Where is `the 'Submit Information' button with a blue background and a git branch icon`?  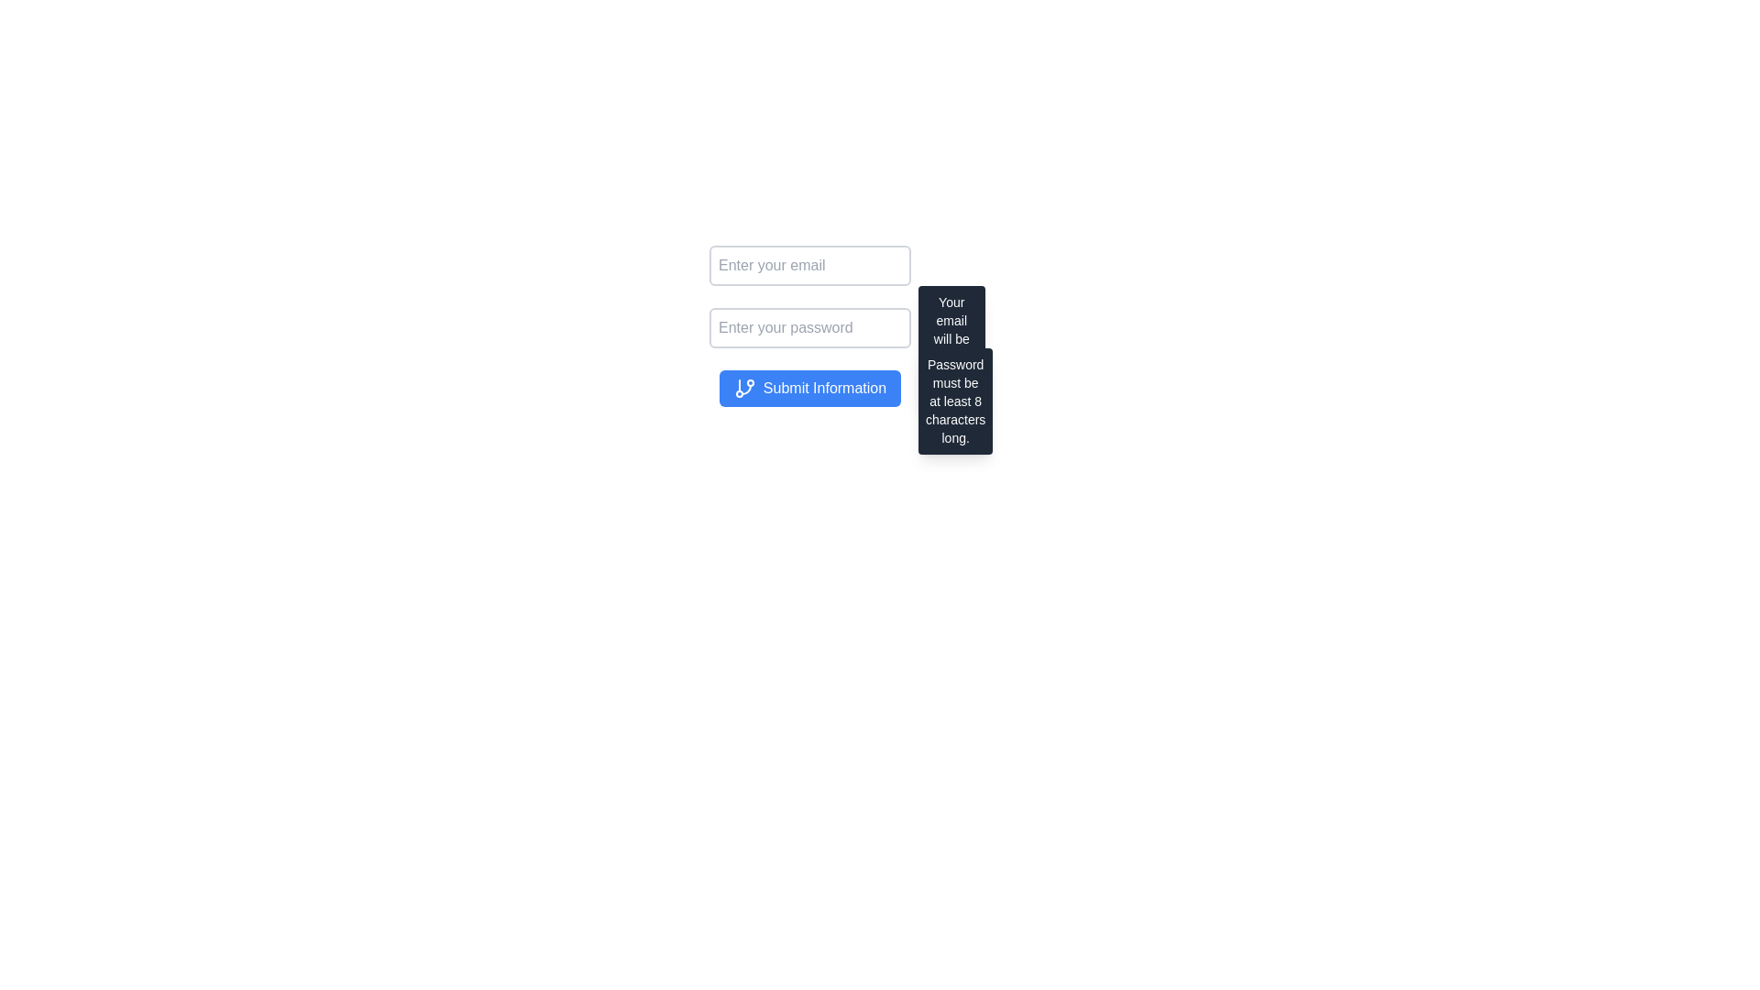
the 'Submit Information' button with a blue background and a git branch icon is located at coordinates (808, 388).